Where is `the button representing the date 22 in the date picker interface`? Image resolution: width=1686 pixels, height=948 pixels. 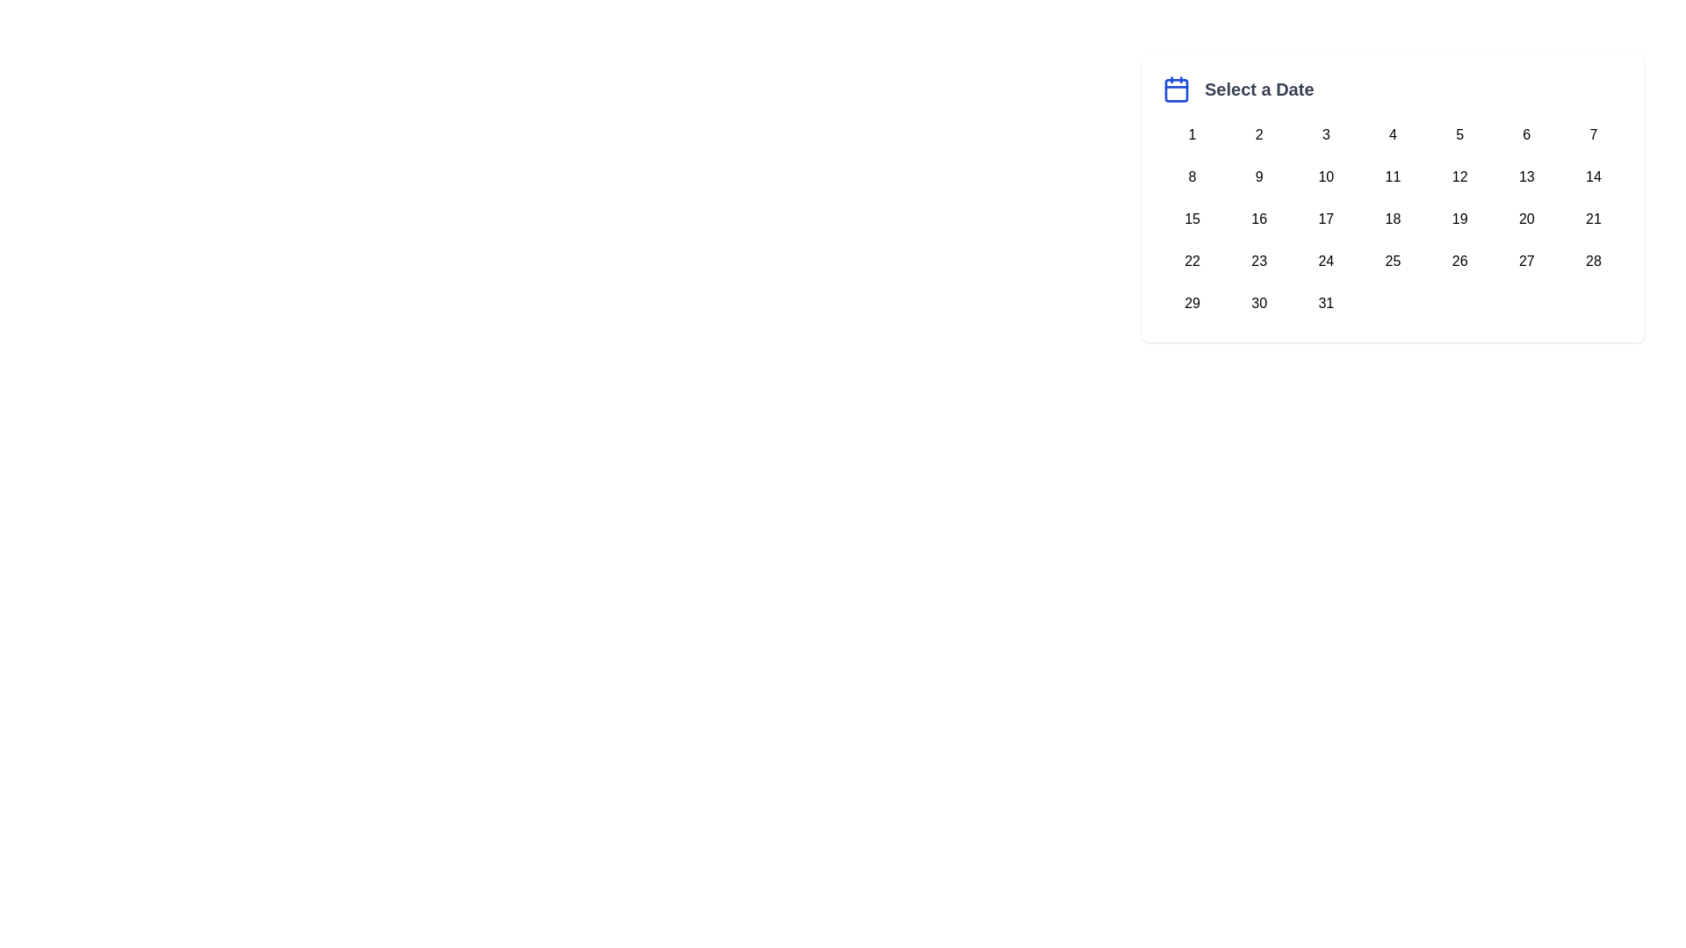
the button representing the date 22 in the date picker interface is located at coordinates (1192, 261).